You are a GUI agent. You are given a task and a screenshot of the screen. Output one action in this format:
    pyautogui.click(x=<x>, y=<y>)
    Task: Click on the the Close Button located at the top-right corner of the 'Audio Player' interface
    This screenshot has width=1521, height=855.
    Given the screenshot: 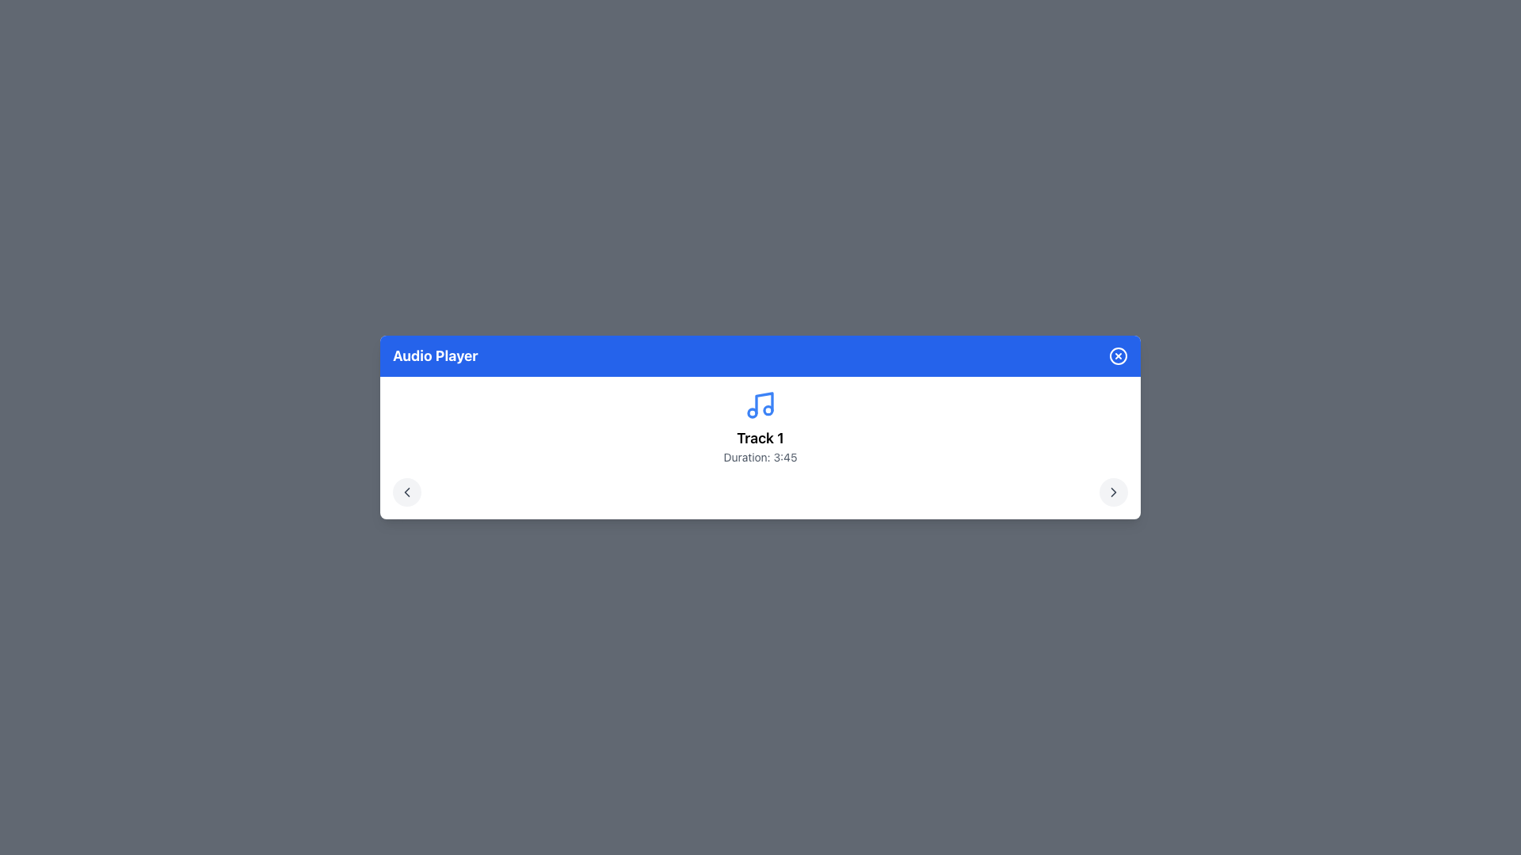 What is the action you would take?
    pyautogui.click(x=1117, y=356)
    